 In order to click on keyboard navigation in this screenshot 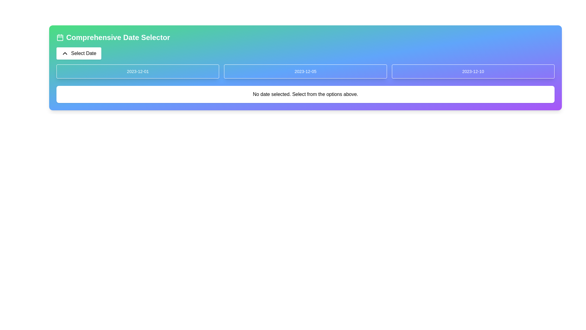, I will do `click(305, 71)`.